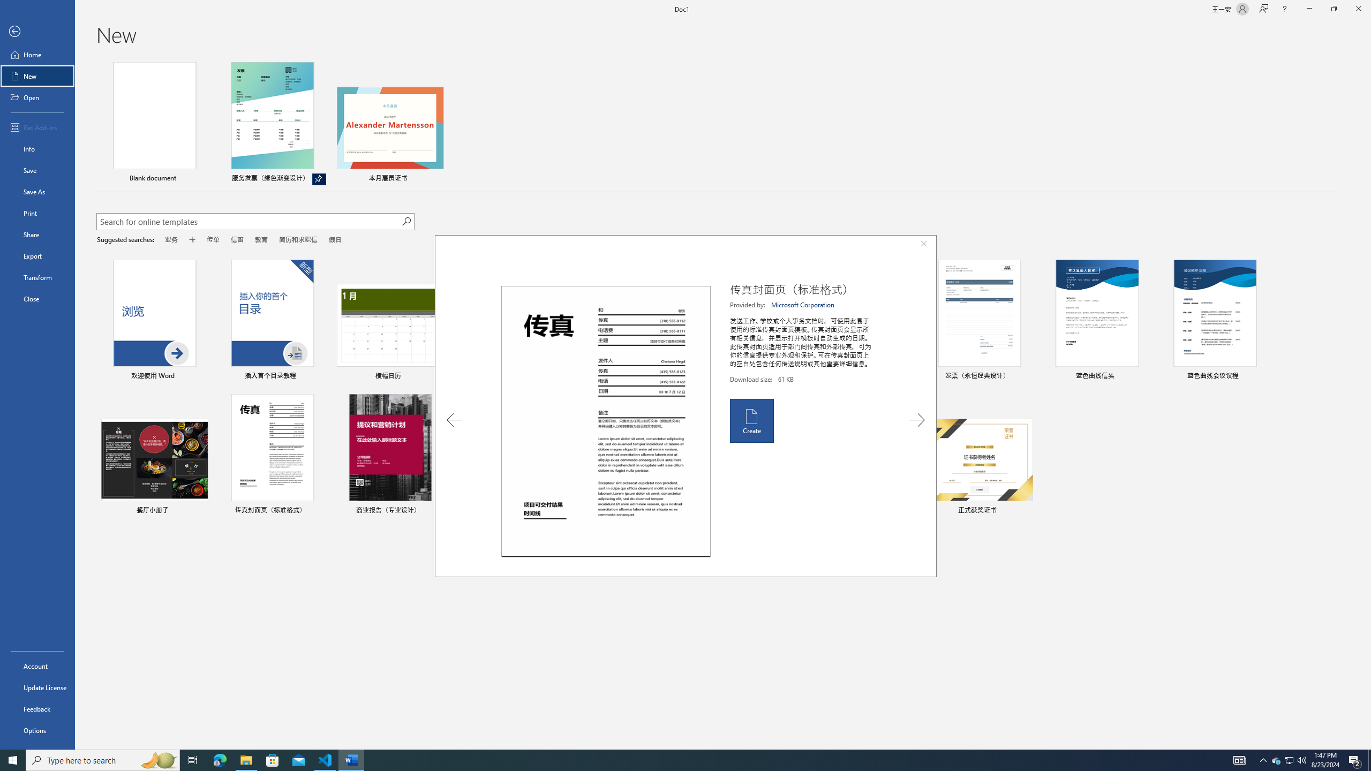 Image resolution: width=1371 pixels, height=771 pixels. Describe the element at coordinates (37, 127) in the screenshot. I see `'Get Add-ins'` at that location.